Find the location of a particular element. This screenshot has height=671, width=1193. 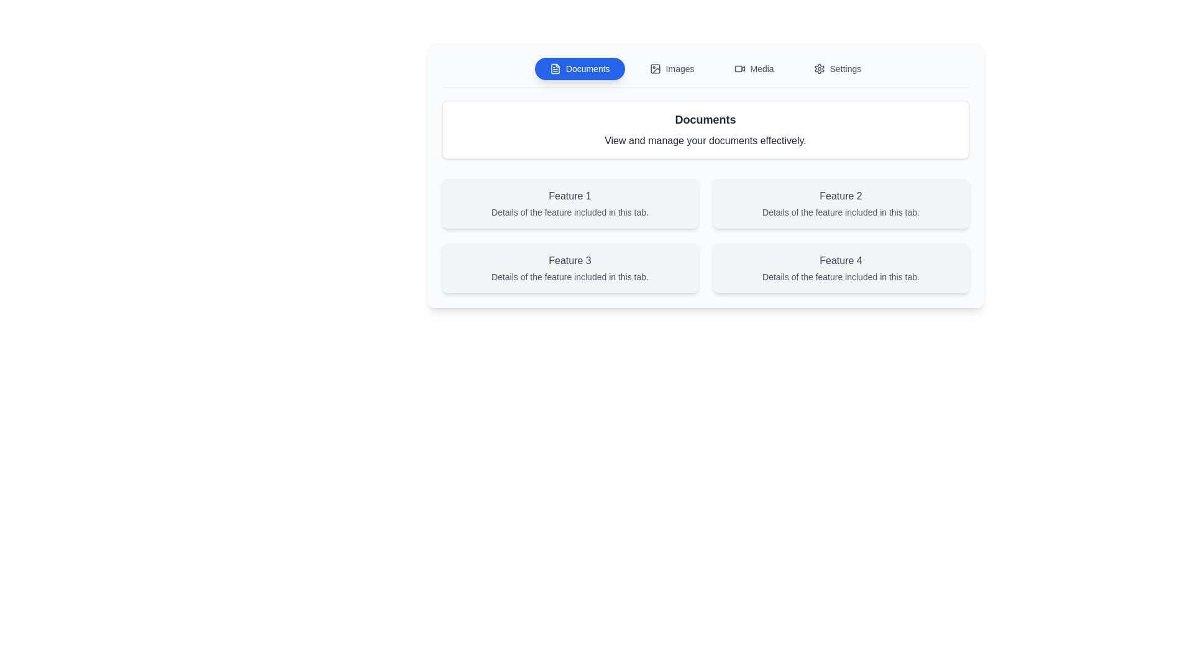

the 'Media' navigation link located in the horizontal menu bar at the top of the interface is located at coordinates (761, 69).